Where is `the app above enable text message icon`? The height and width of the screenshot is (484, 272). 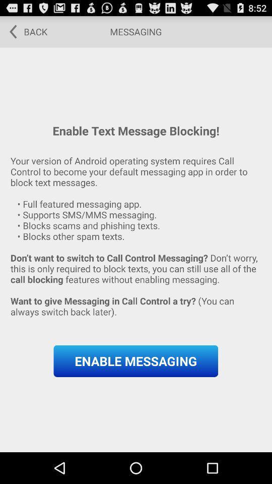
the app above enable text message icon is located at coordinates (25, 31).